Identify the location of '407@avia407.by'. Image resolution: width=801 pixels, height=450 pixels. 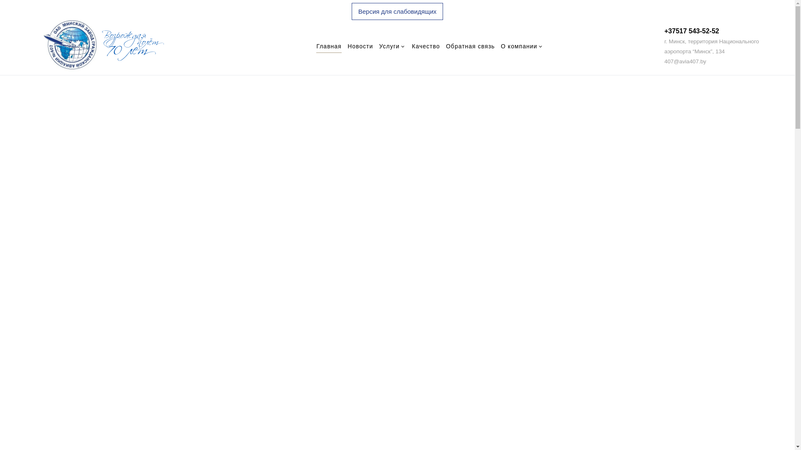
(685, 60).